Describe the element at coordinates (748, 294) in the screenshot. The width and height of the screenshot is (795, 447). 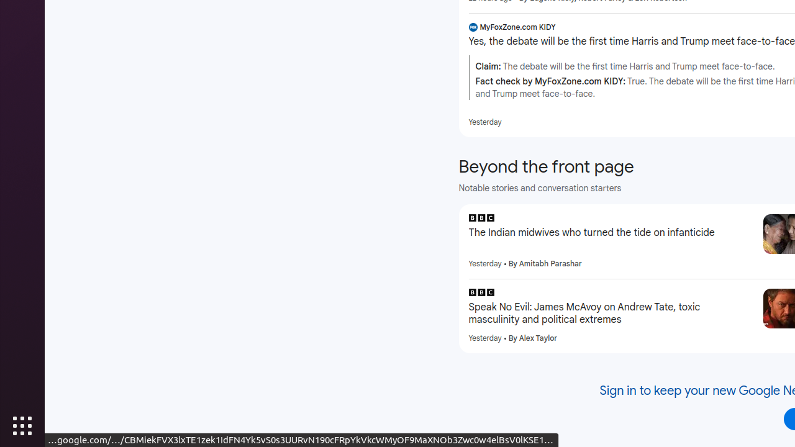
I see `'More - Speak No Evil: James McAvoy on Andrew Tate, toxic masculinity and political extremes'` at that location.